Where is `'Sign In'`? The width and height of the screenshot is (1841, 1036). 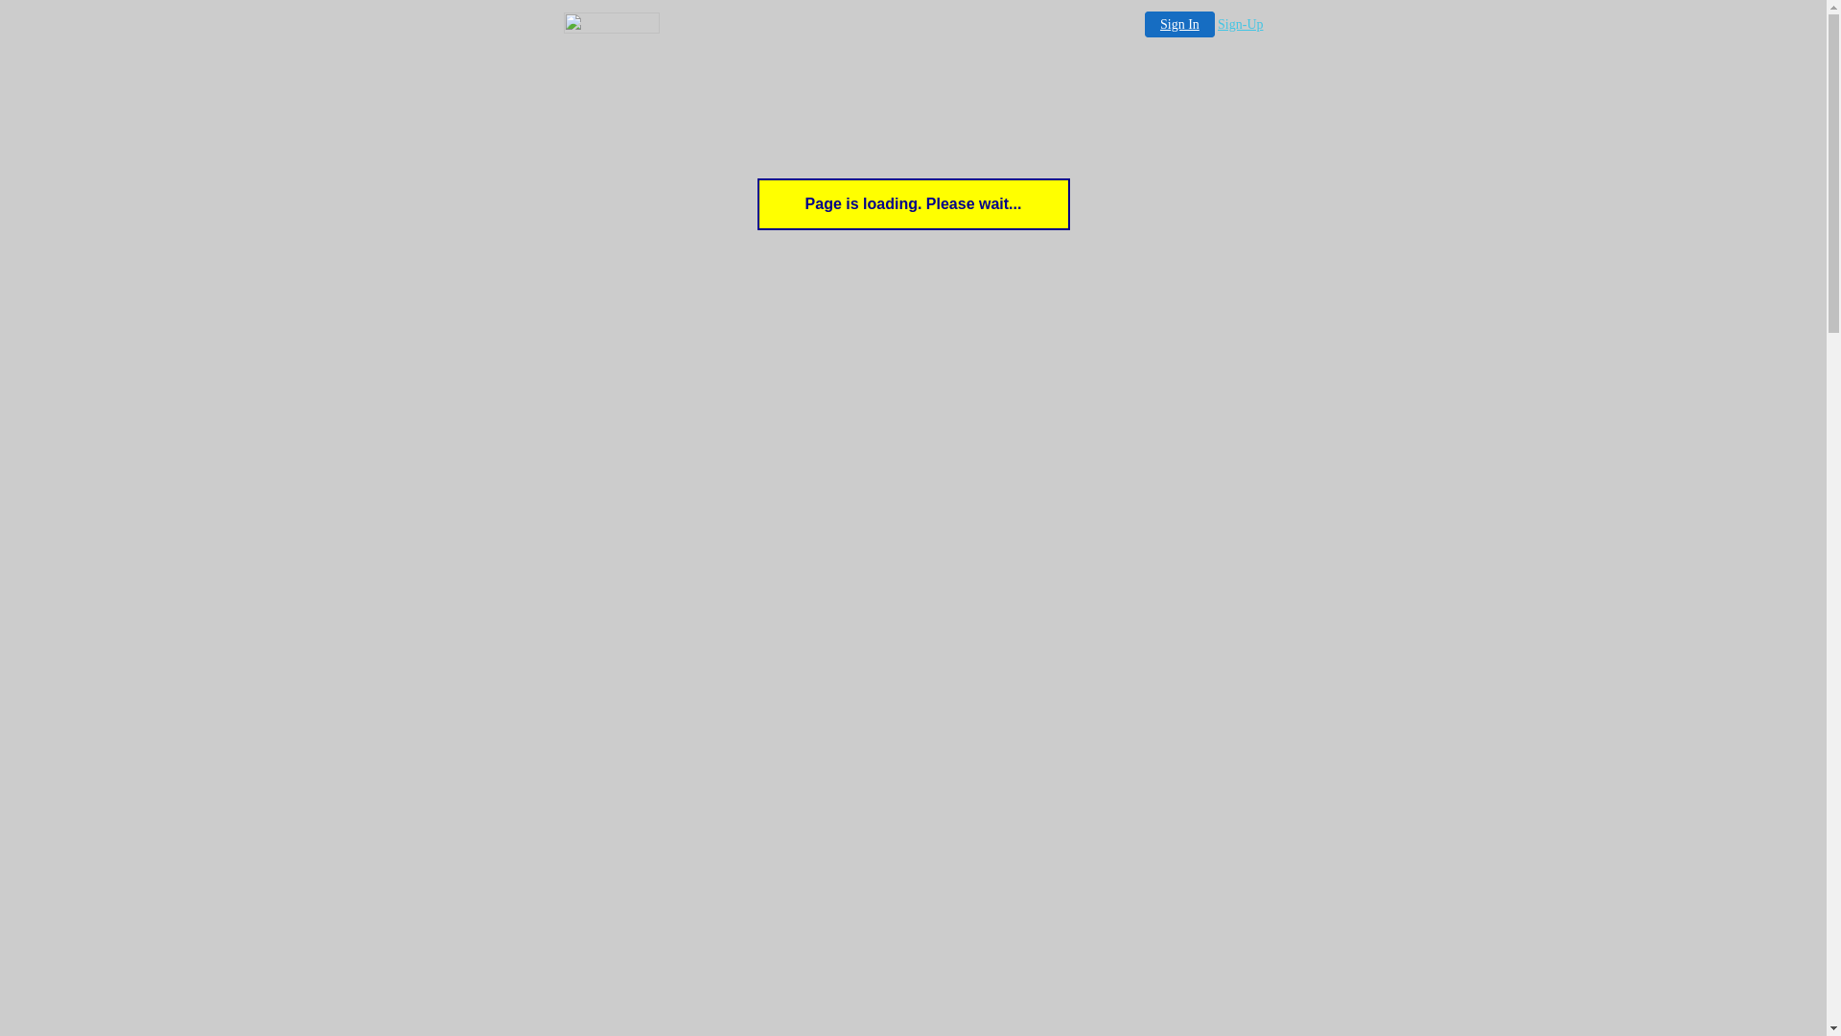
'Sign In' is located at coordinates (1145, 24).